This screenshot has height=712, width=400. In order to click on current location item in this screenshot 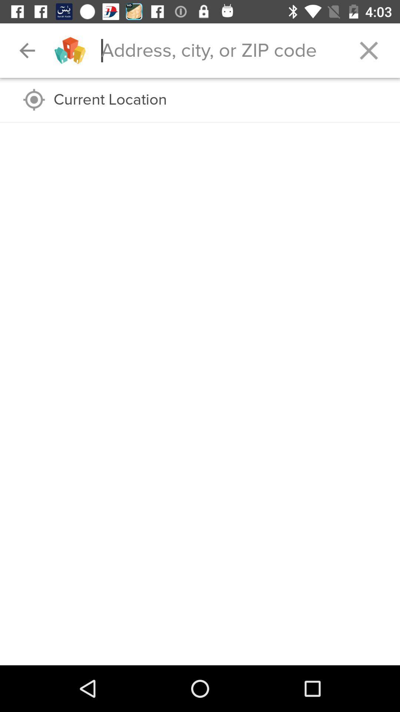, I will do `click(219, 99)`.